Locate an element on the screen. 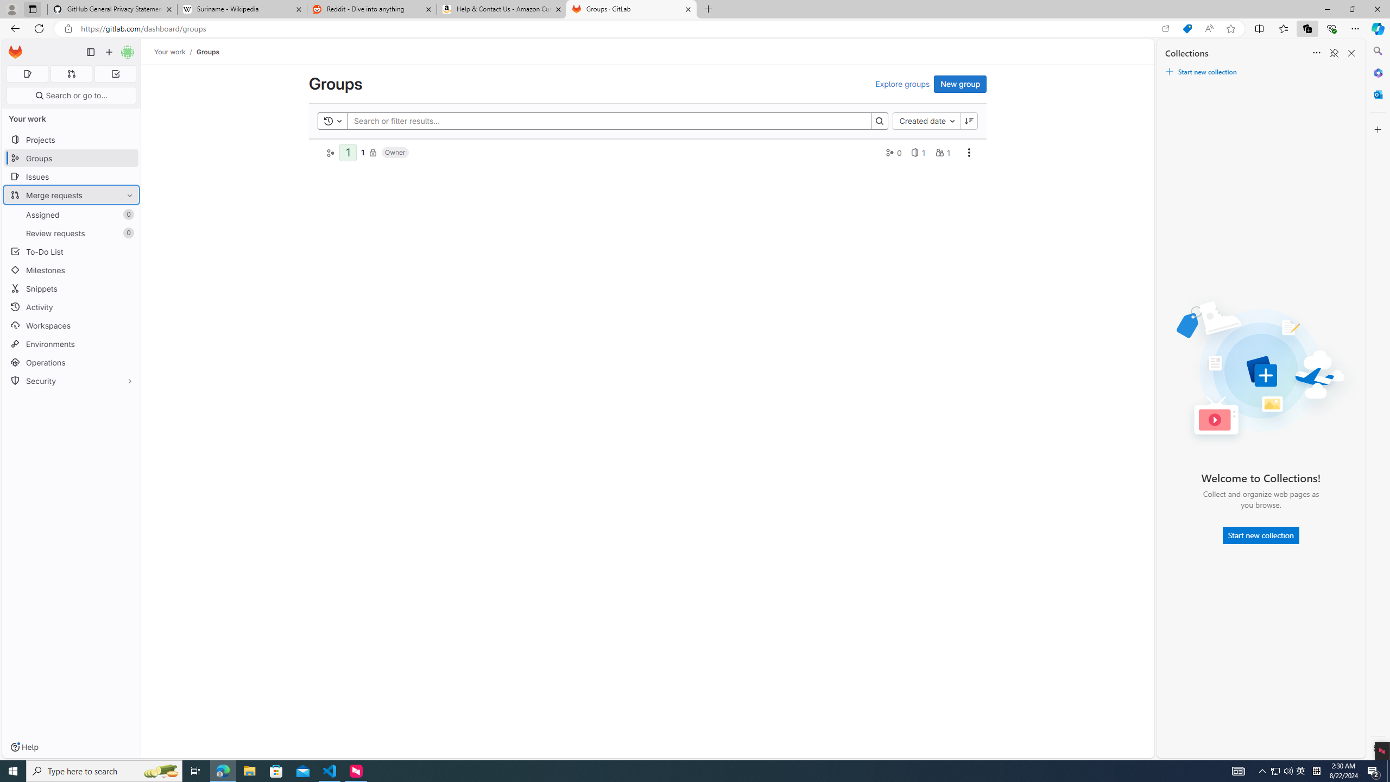 Image resolution: width=1390 pixels, height=782 pixels. 'Your work/' is located at coordinates (175, 52).